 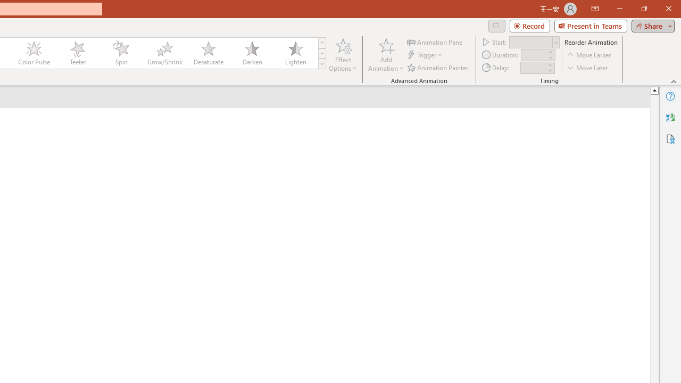 I want to click on 'Move Later', so click(x=587, y=68).